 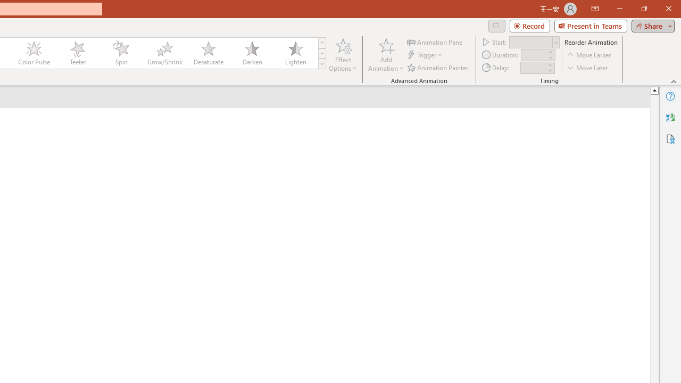 I want to click on 'Move Later', so click(x=587, y=68).